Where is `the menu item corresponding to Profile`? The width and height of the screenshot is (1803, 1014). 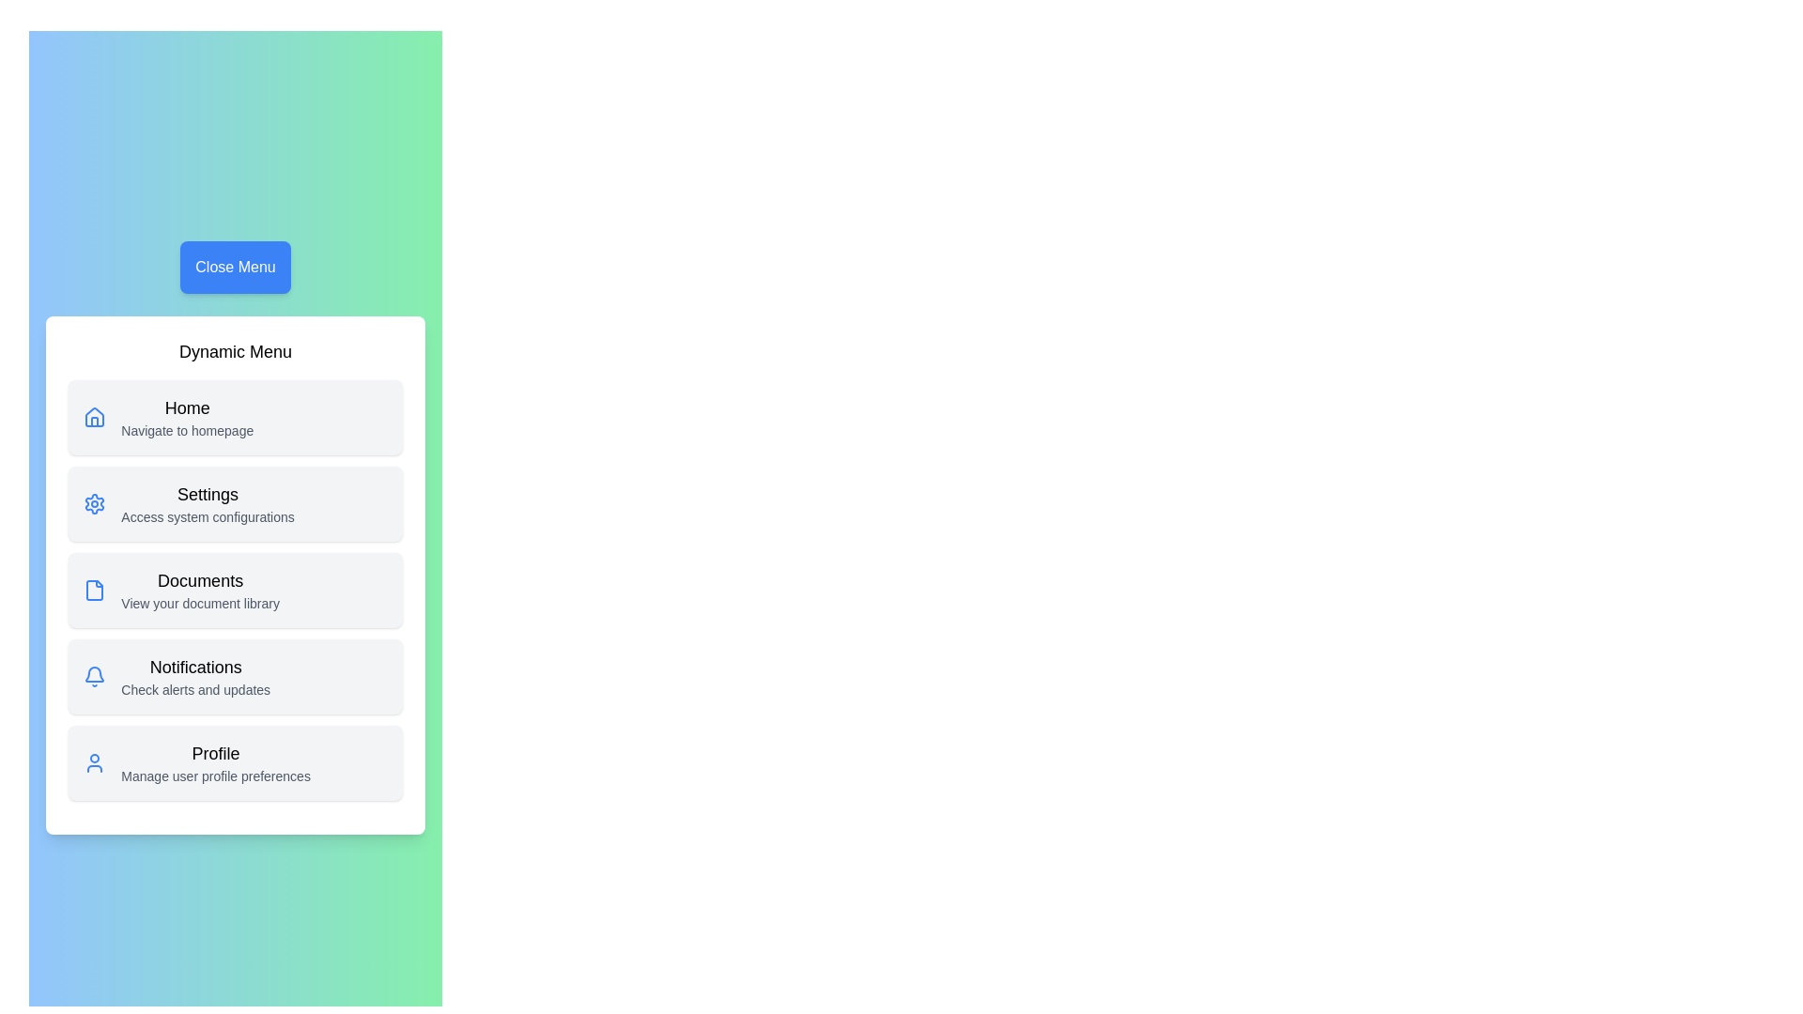
the menu item corresponding to Profile is located at coordinates (234, 763).